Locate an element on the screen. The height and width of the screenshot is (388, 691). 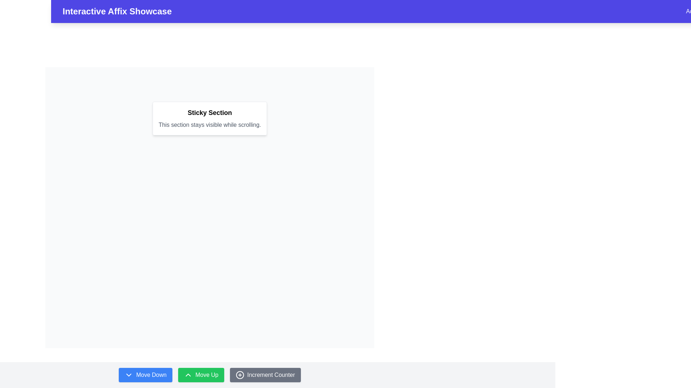
the button located at the bottom-right corner of the interface, adjacent to the 'Increment Counter' button, which contains a plus sign is located at coordinates (240, 375).